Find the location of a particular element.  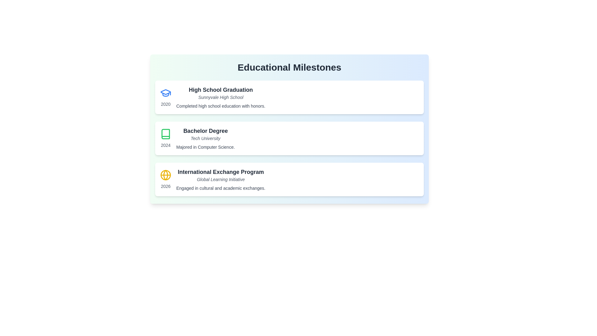

descriptive text element providing context about the 'International Exchange Program', positioned centrally below 'Global Learning Initiative' is located at coordinates (221, 188).